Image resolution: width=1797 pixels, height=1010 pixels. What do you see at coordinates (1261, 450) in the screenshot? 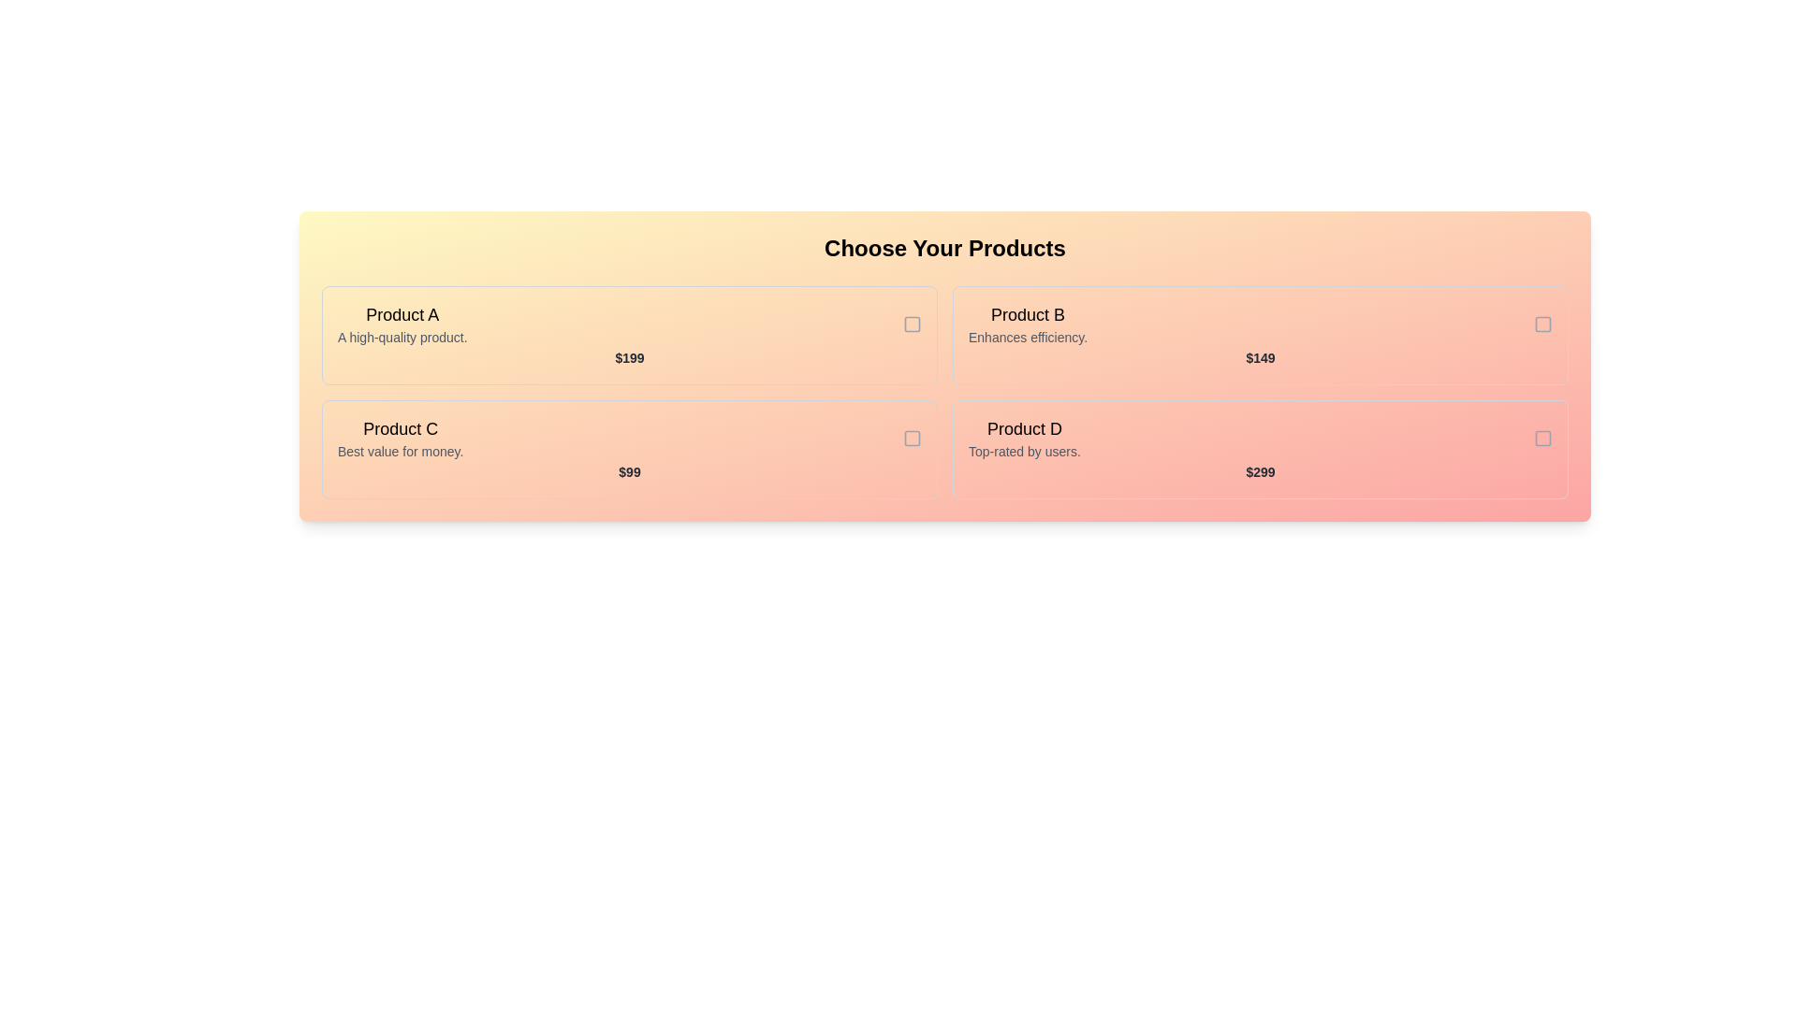
I see `the product card for Product D` at bounding box center [1261, 450].